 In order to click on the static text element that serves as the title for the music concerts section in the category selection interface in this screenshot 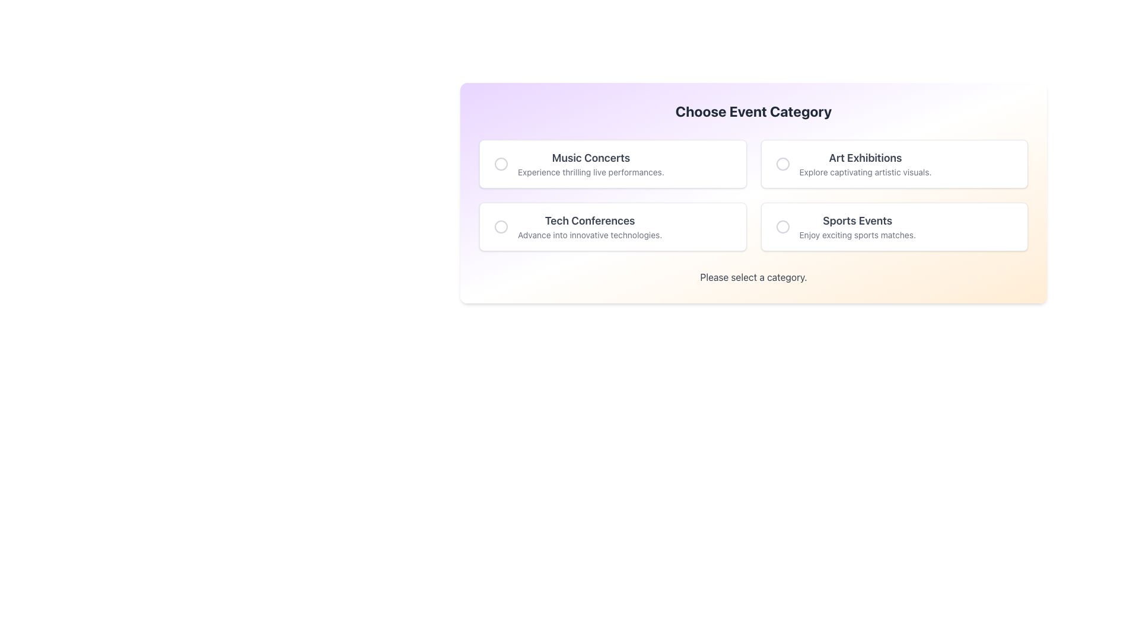, I will do `click(591, 157)`.